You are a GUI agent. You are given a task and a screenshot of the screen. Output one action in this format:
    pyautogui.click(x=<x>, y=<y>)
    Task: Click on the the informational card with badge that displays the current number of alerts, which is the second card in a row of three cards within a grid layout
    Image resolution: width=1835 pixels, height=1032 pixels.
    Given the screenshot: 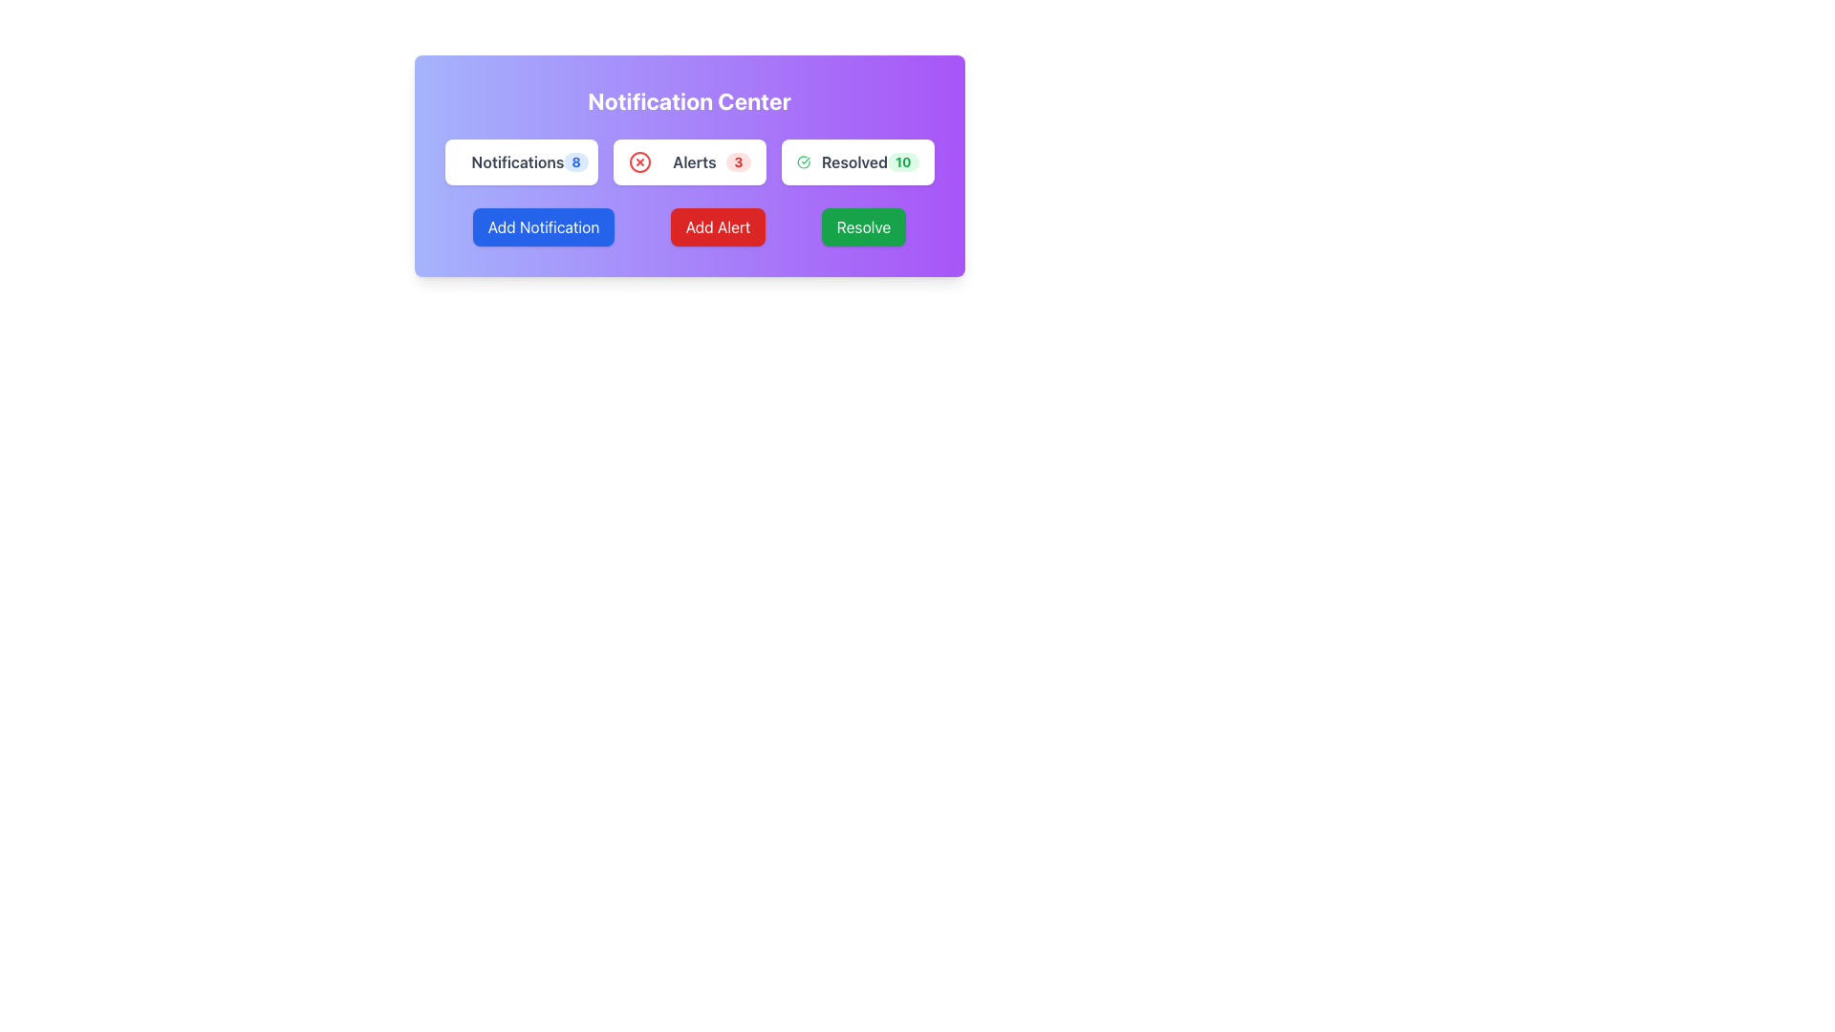 What is the action you would take?
    pyautogui.click(x=688, y=161)
    